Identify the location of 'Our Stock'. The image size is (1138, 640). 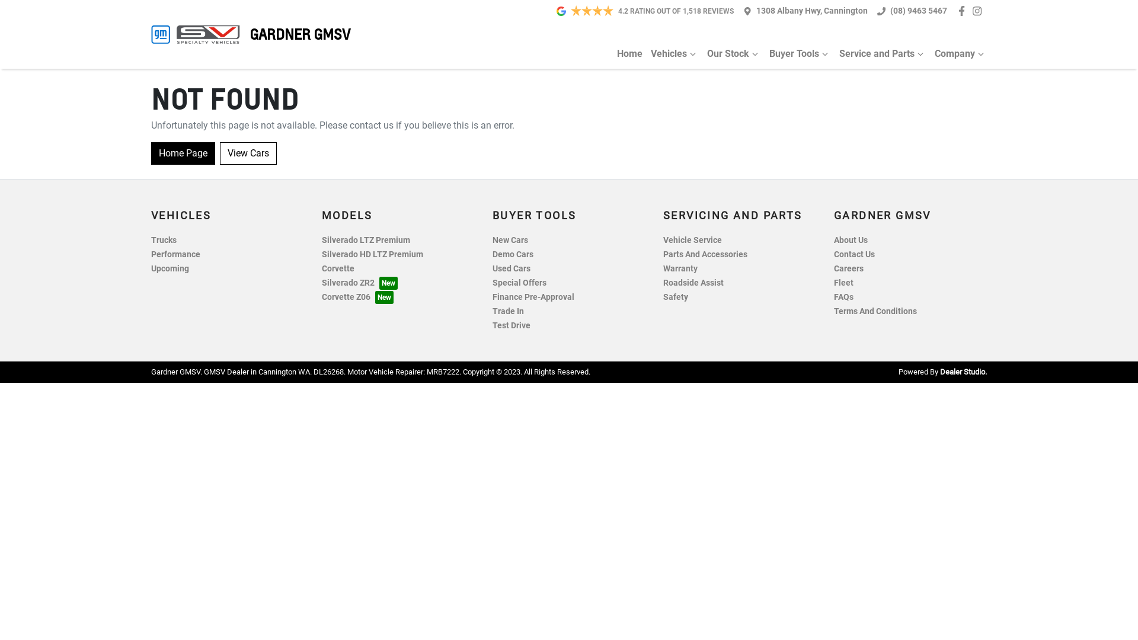
(729, 54).